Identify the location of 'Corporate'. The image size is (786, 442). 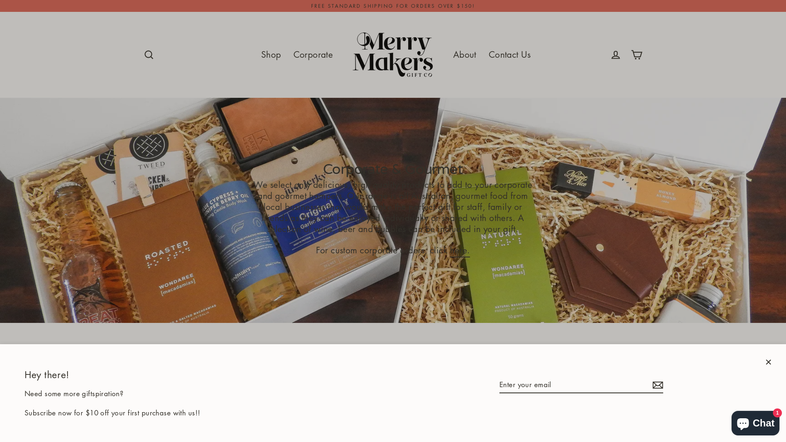
(313, 55).